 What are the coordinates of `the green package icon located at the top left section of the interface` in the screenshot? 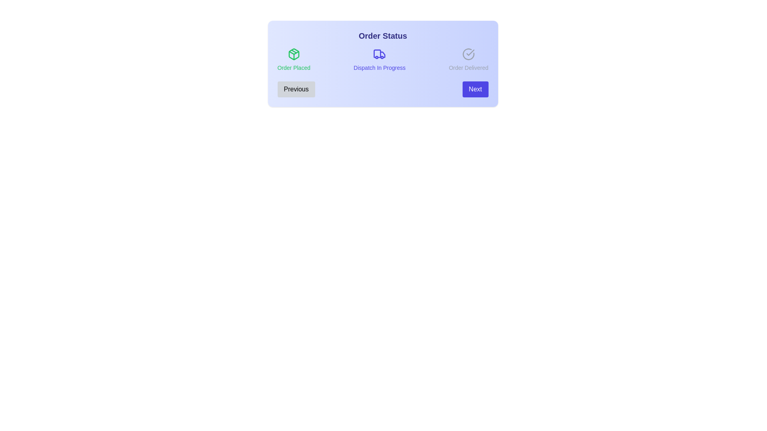 It's located at (293, 54).